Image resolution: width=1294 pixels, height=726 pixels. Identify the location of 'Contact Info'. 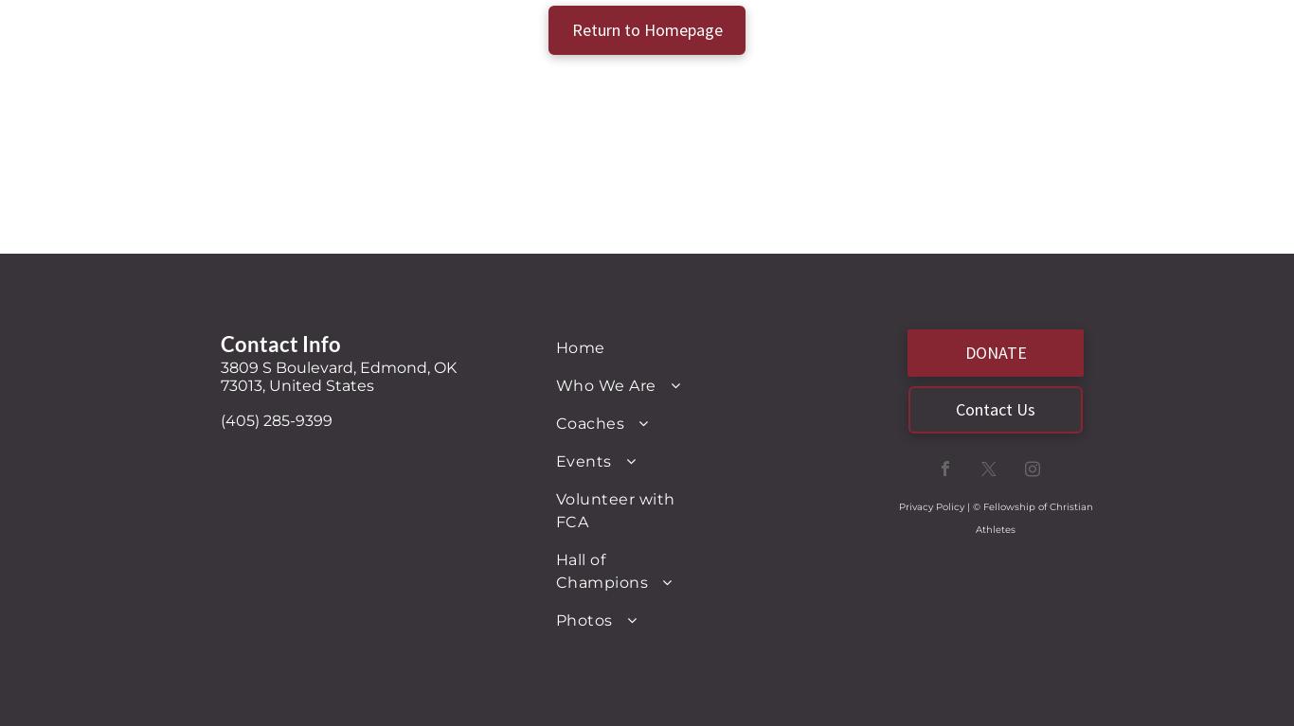
(280, 342).